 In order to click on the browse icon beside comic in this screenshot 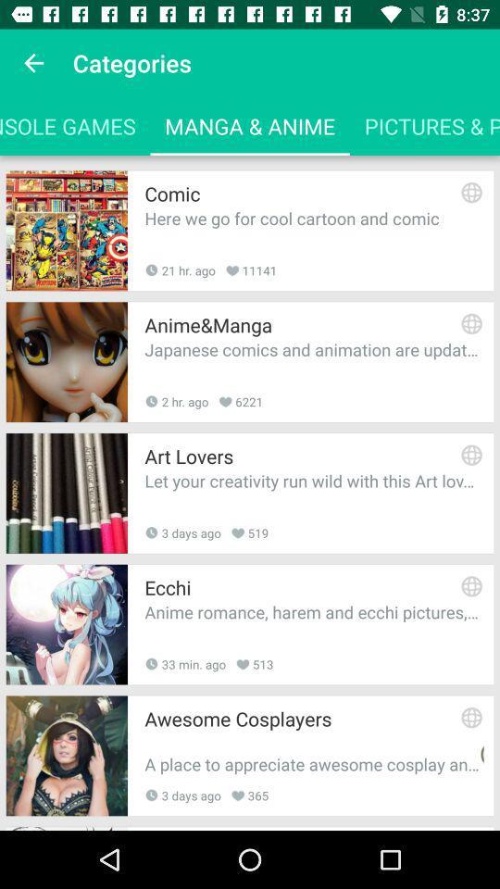, I will do `click(471, 193)`.